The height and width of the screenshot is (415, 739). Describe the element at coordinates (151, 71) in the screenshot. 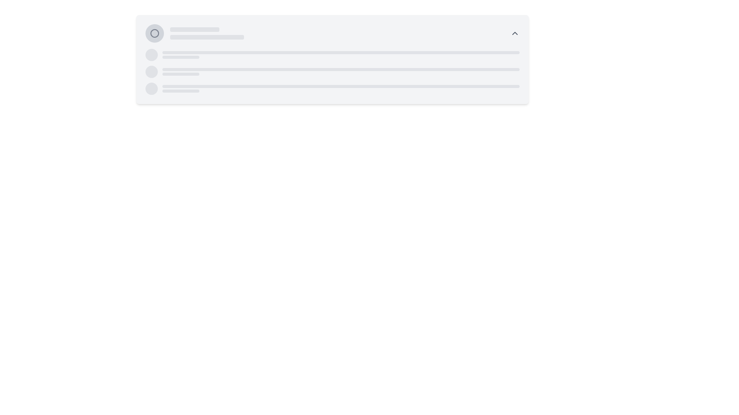

I see `the leftmost decorative placeholder element that serves as a visual indicator, located in the middle-left section of the interface` at that location.